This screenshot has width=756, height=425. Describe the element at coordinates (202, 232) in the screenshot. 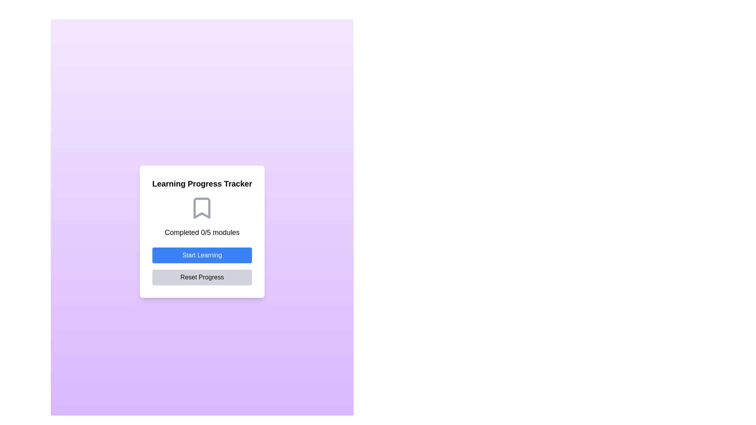

I see `progress information text located in the 'Learning Progress Tracker' section, positioned below the bookmark icon and above the 'Start Learning' and 'Reset Progress' buttons` at that location.